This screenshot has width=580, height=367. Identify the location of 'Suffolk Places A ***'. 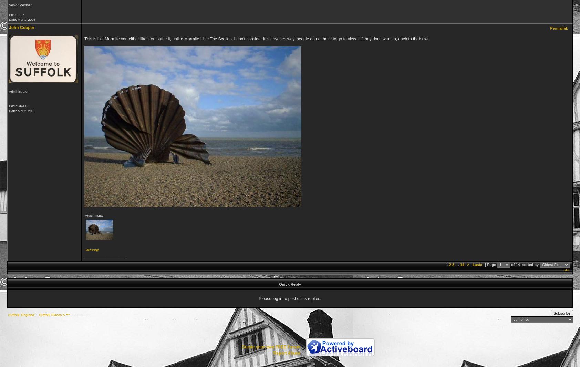
(54, 315).